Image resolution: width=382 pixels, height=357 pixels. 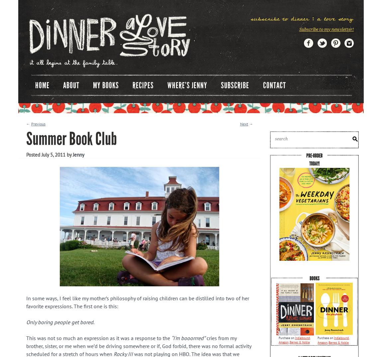 I want to click on 'My Books', so click(x=105, y=85).